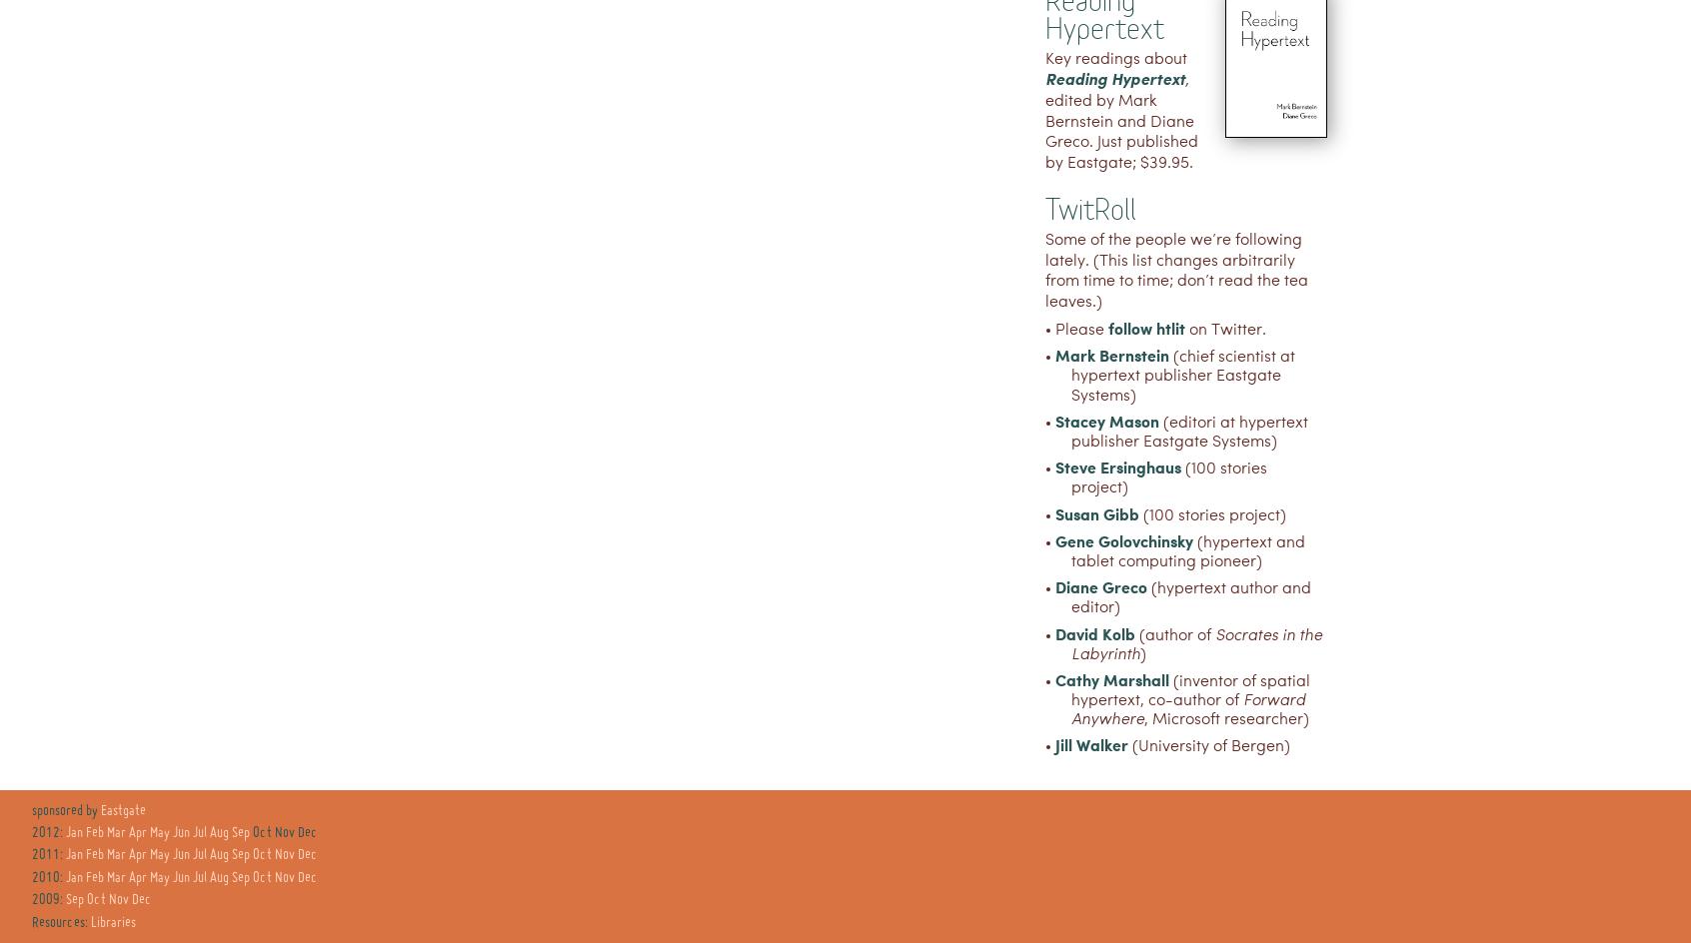 The image size is (1691, 943). What do you see at coordinates (1186, 550) in the screenshot?
I see `'(hypertext and tablet computing pioneer)'` at bounding box center [1186, 550].